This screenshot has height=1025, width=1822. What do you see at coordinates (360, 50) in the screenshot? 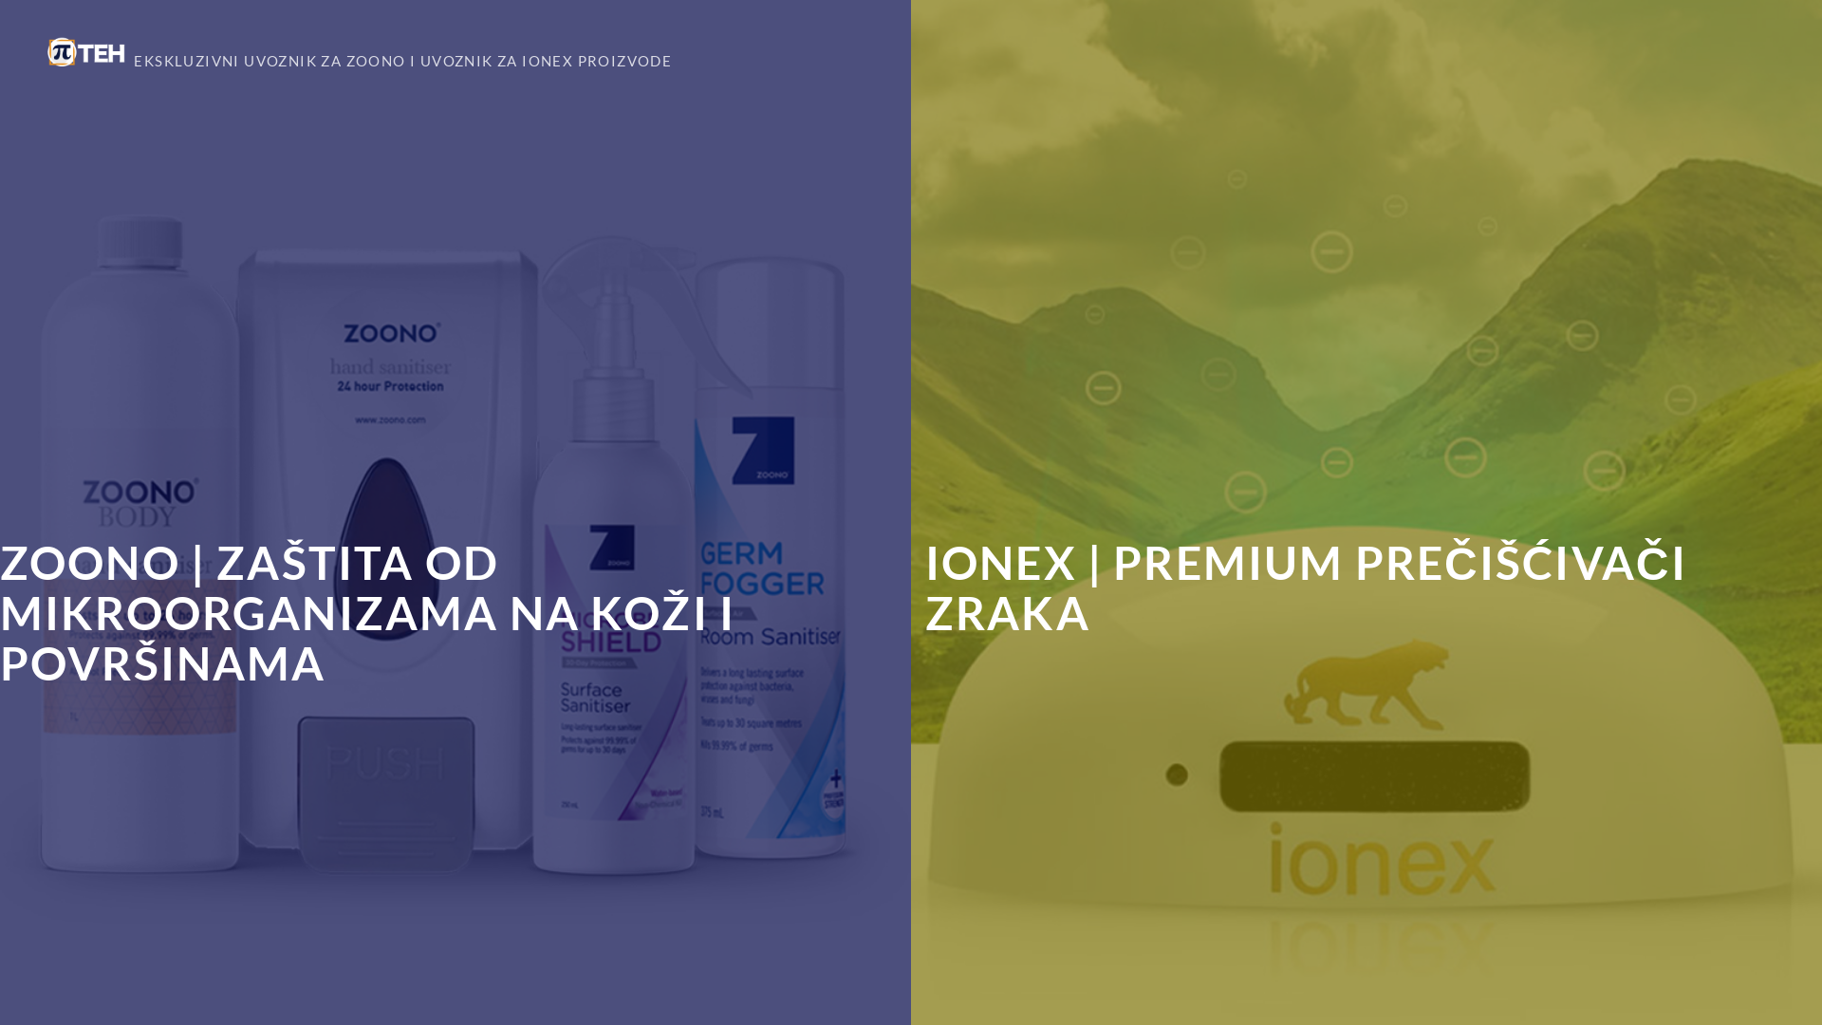
I see `'EKSKLUZIVNI UVOZNIK ZA ZOONO I UVOZNIK ZA IONEX PROIZVODE'` at bounding box center [360, 50].